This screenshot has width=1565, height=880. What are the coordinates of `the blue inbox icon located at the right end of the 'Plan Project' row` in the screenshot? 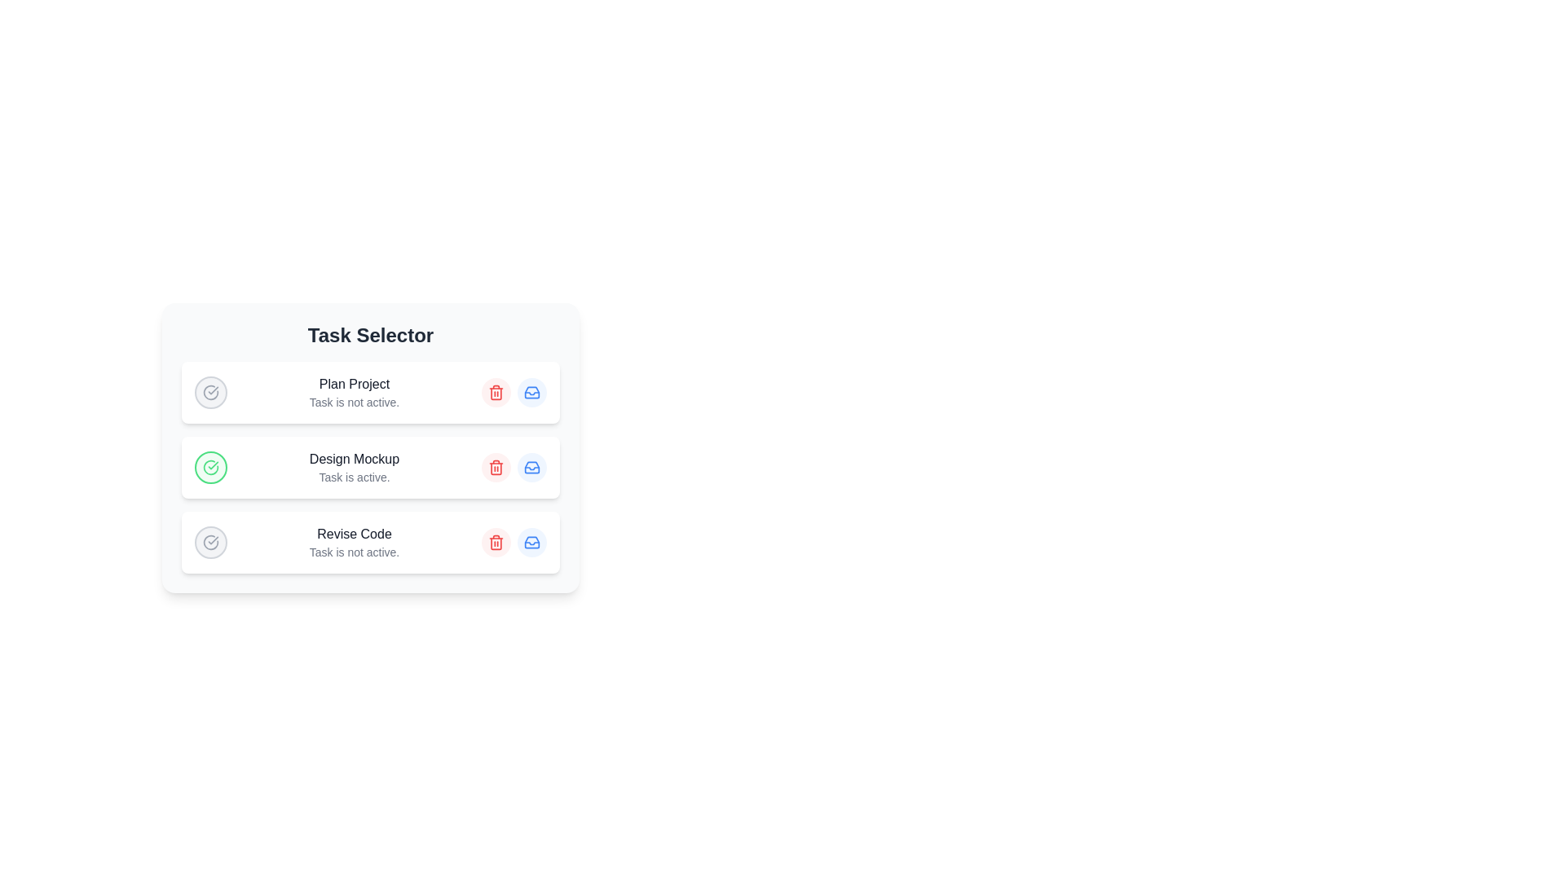 It's located at (531, 393).